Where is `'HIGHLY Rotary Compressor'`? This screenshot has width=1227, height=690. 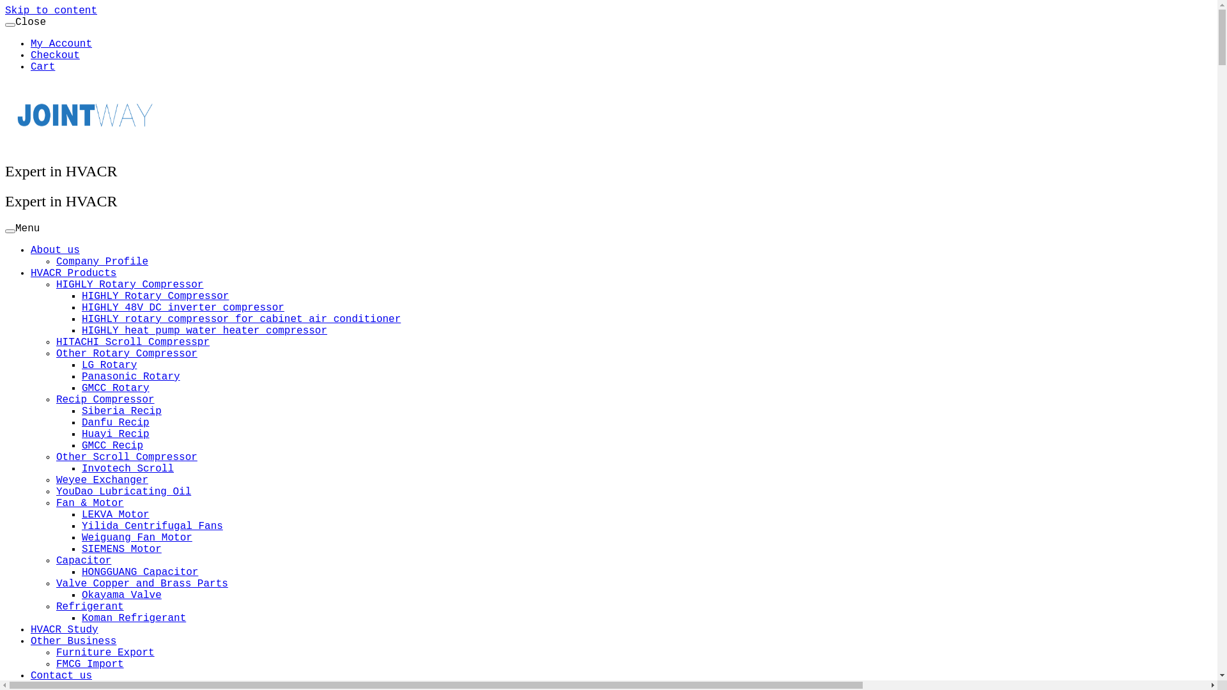 'HIGHLY Rotary Compressor' is located at coordinates (129, 284).